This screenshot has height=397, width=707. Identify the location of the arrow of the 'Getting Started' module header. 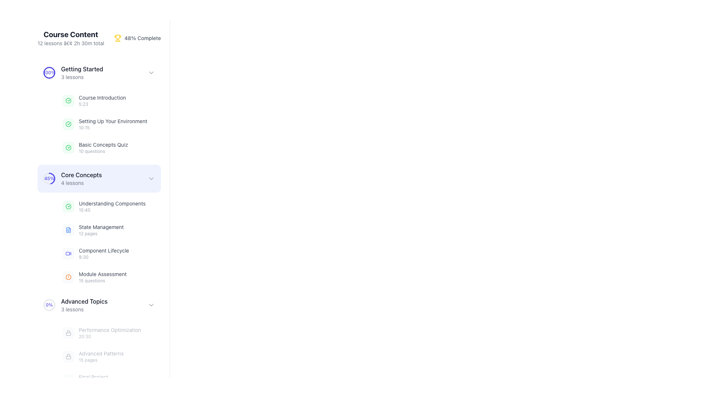
(99, 72).